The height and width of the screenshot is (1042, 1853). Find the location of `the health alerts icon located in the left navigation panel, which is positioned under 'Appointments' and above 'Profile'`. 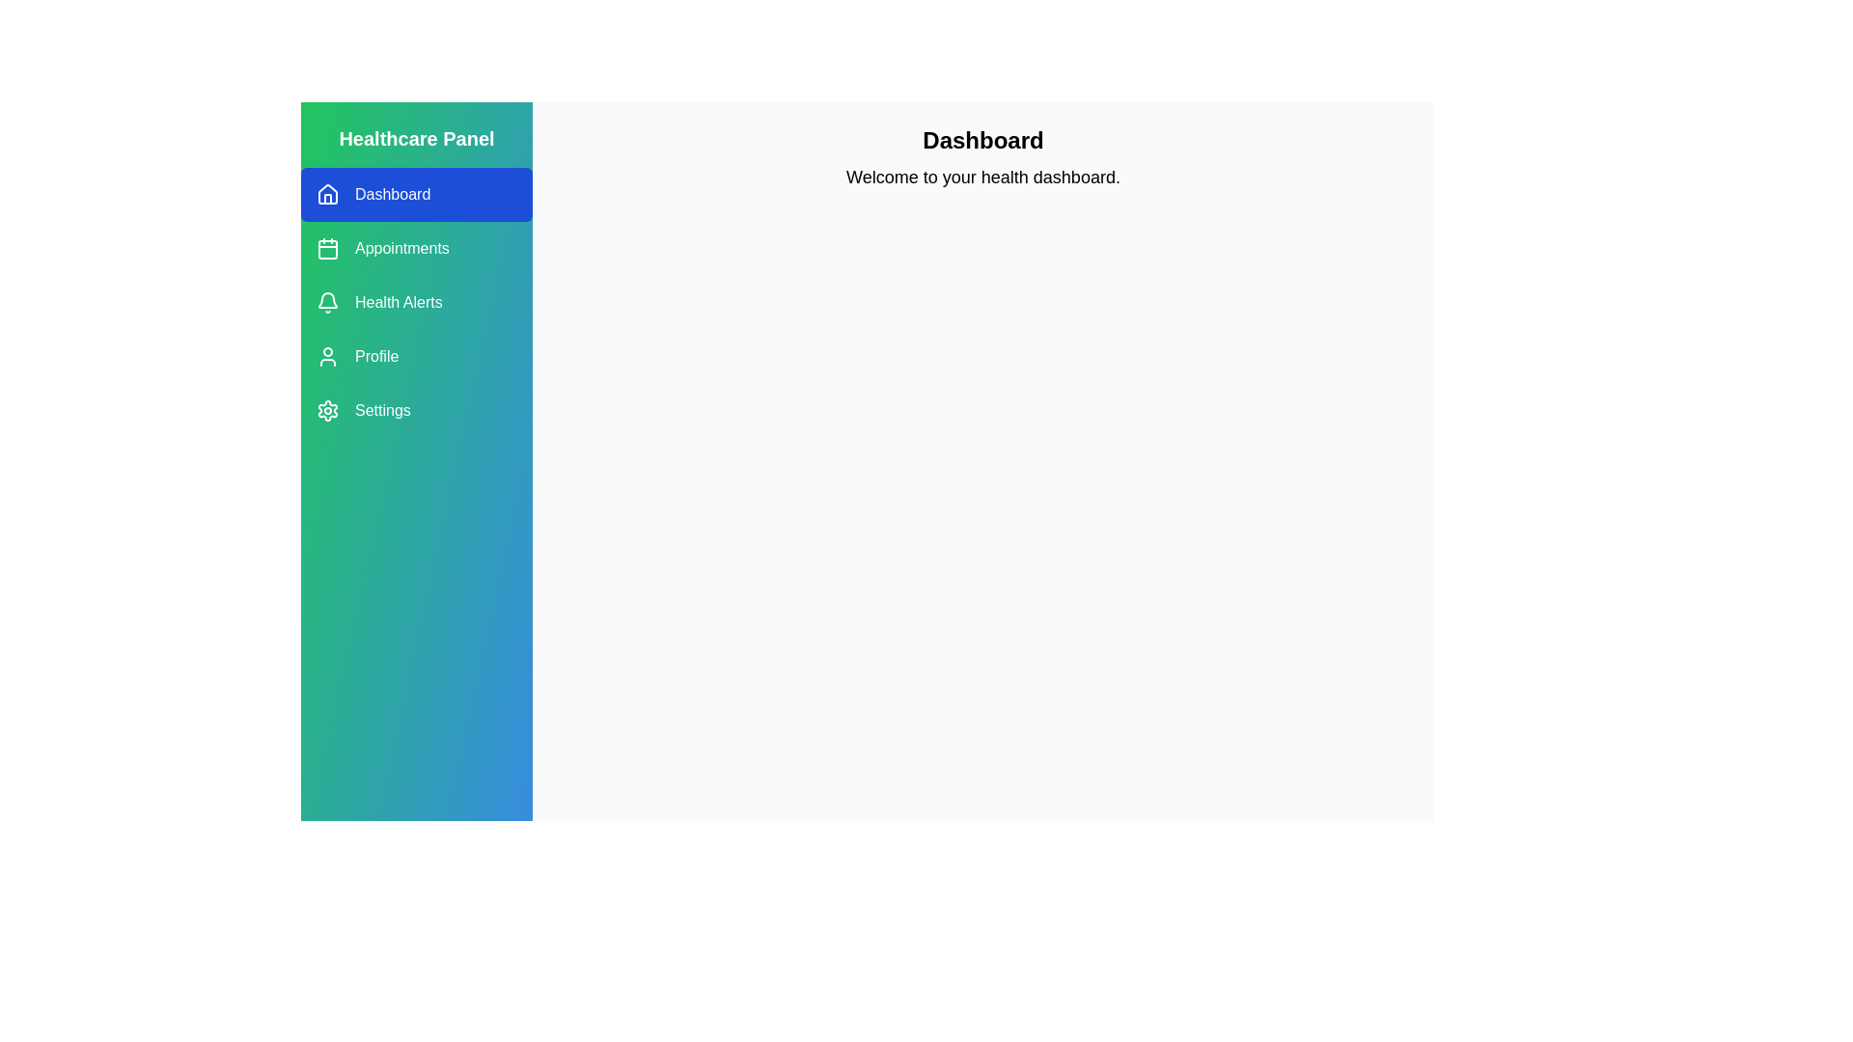

the health alerts icon located in the left navigation panel, which is positioned under 'Appointments' and above 'Profile' is located at coordinates (328, 302).